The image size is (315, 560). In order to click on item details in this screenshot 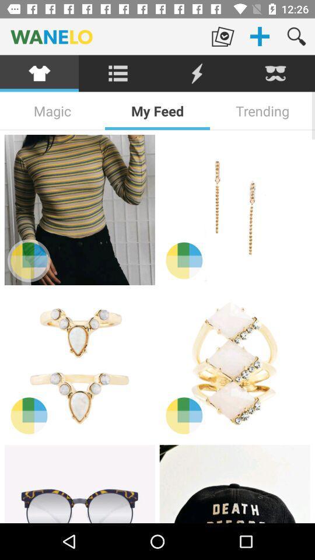, I will do `click(235, 364)`.